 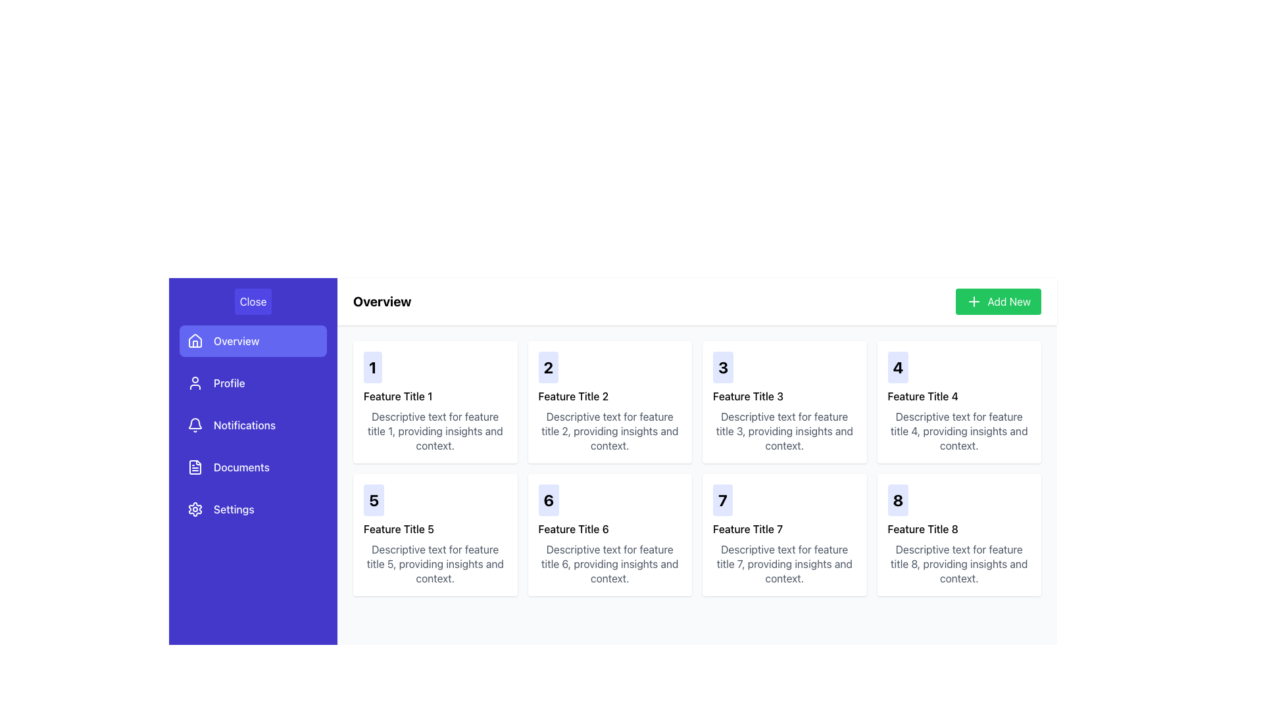 I want to click on the Label or Numeric Indicator located at the top-left corner of the 'Feature Title 7' card, which serves as an identifier for the associated feature, so click(x=722, y=500).